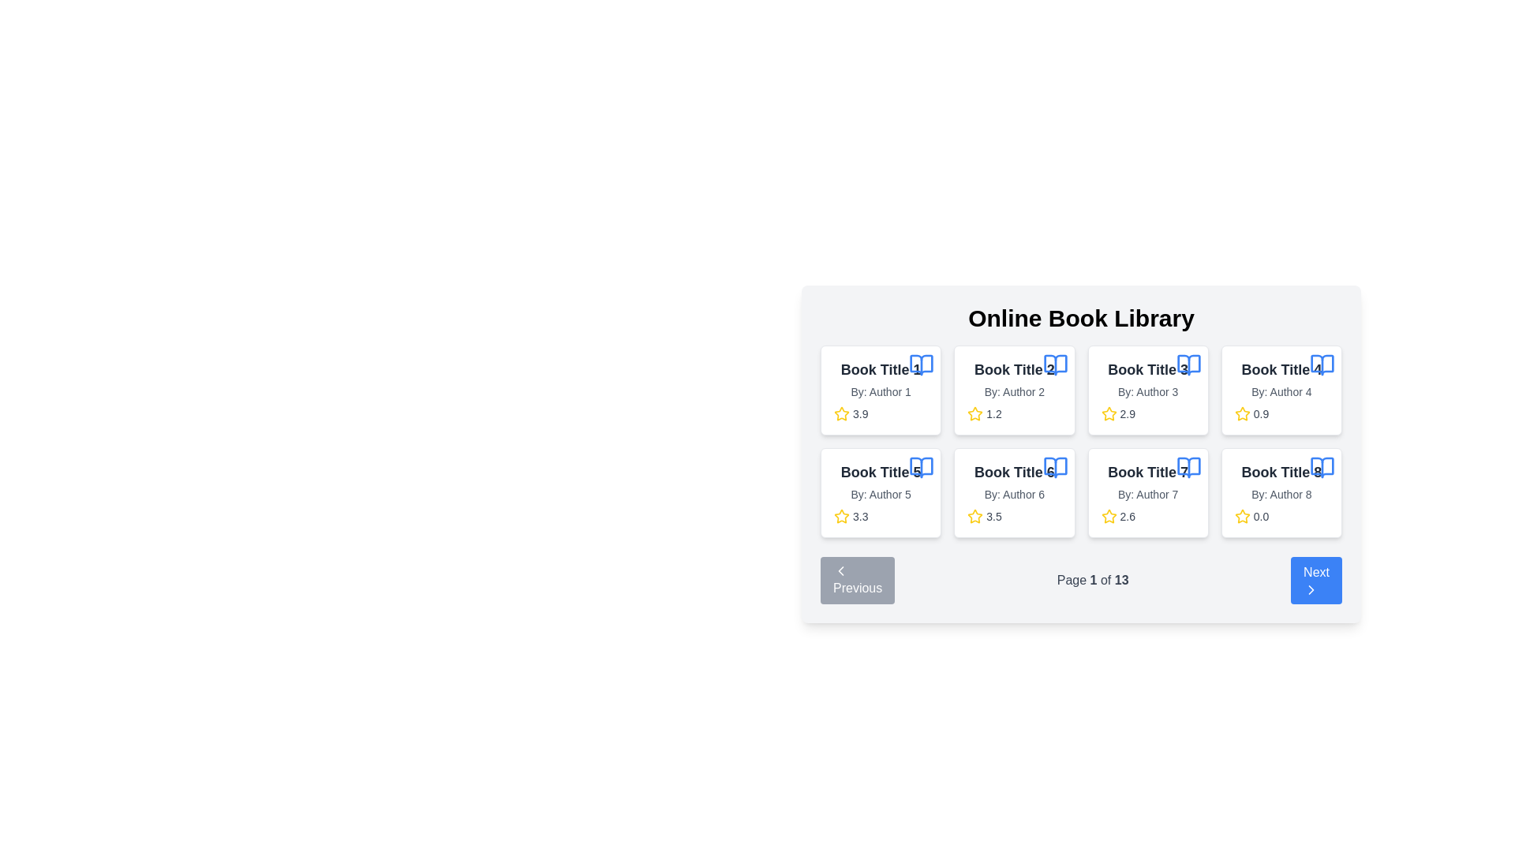 This screenshot has height=852, width=1515. I want to click on the static text label indicating the current page, which shows 'Page 1 of 13' and is located in the pagination section at the bottom center of the interface, so click(1093, 580).